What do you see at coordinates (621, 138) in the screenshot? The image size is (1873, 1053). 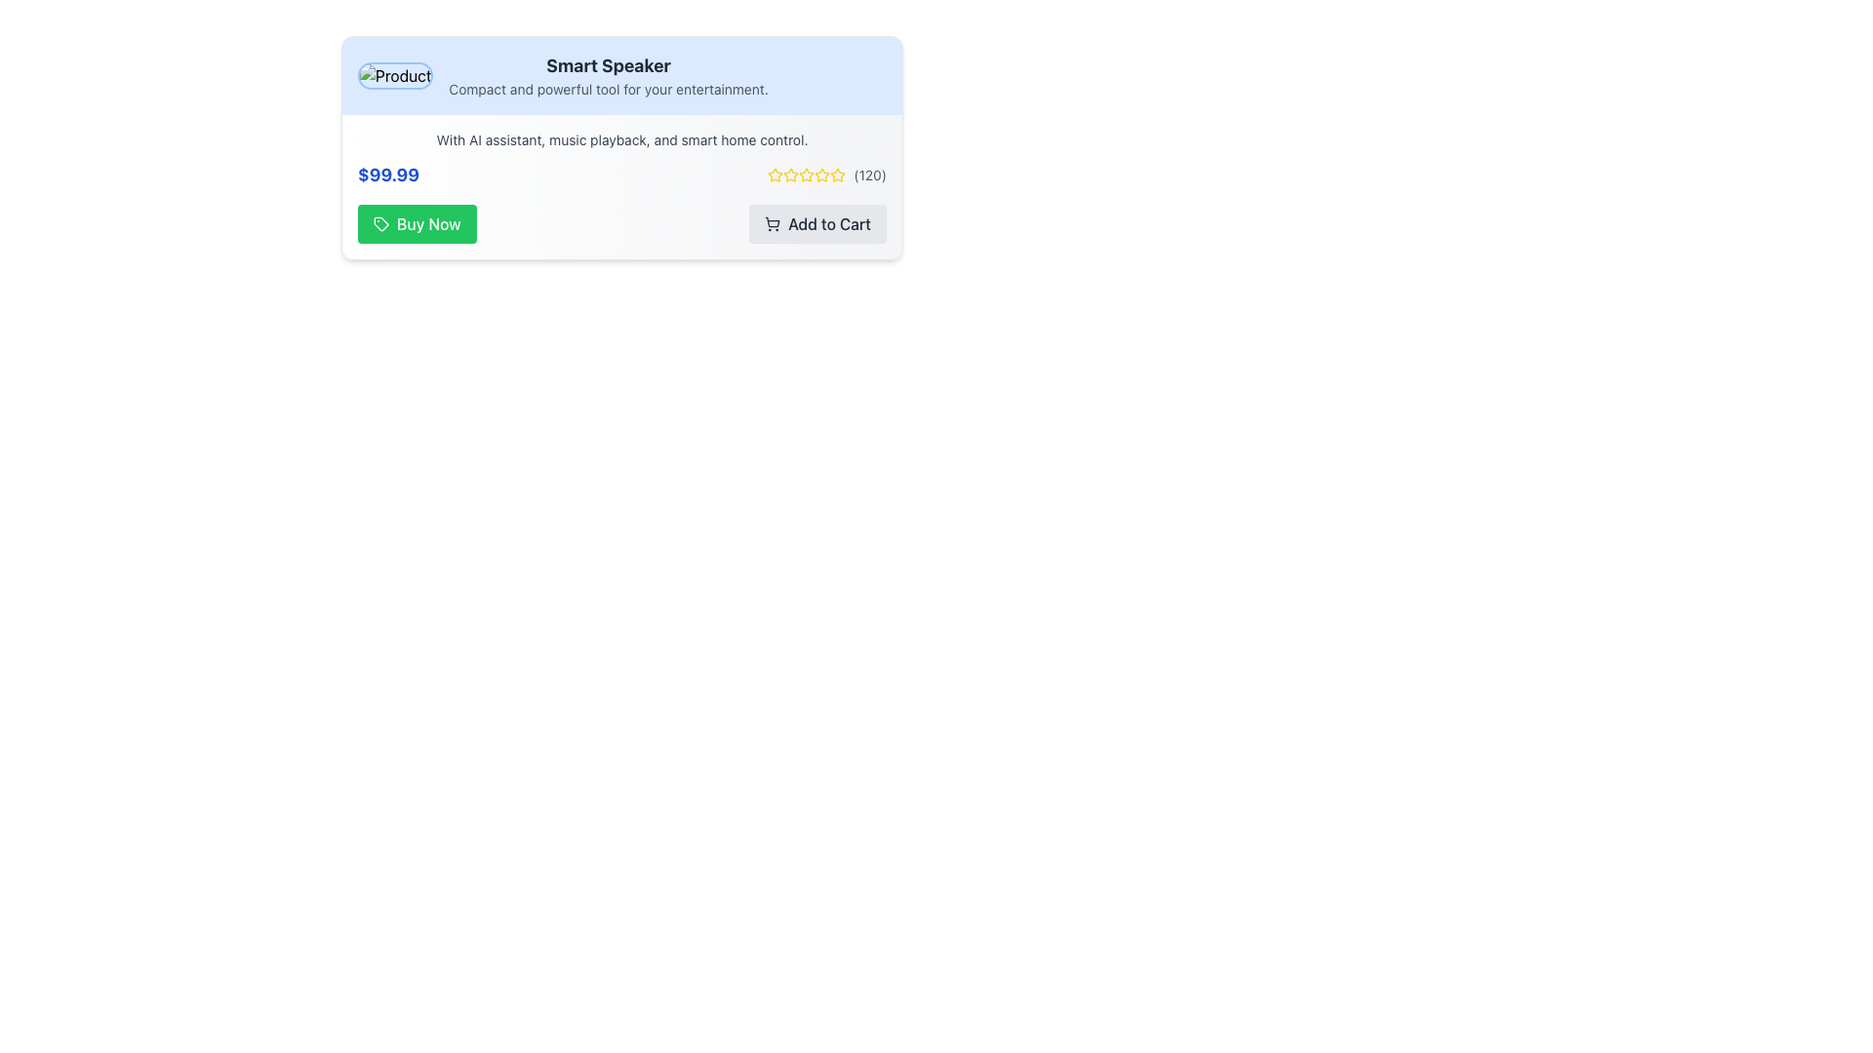 I see `textual description stating 'With AI assistant, music playback, and smart home control.' located beneath the title 'Smart Speaker' in the product information card` at bounding box center [621, 138].